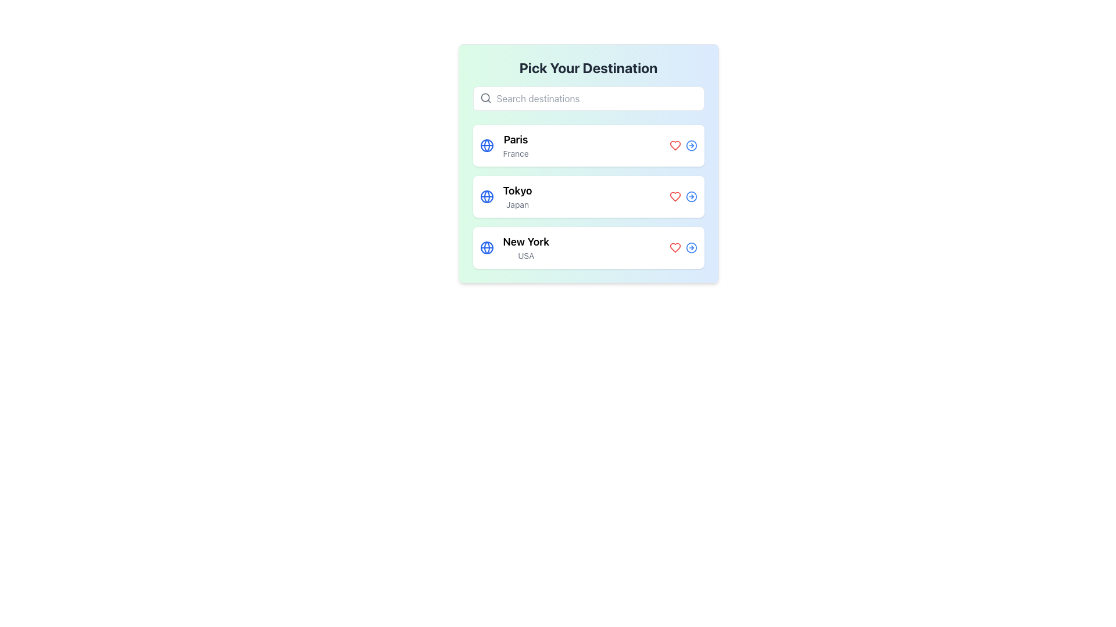 The image size is (1116, 627). What do you see at coordinates (691, 145) in the screenshot?
I see `the SVG Circle located to the right of the text labels for 'Paris' and 'France', adjacent to a heart icon in the destination selection interface` at bounding box center [691, 145].